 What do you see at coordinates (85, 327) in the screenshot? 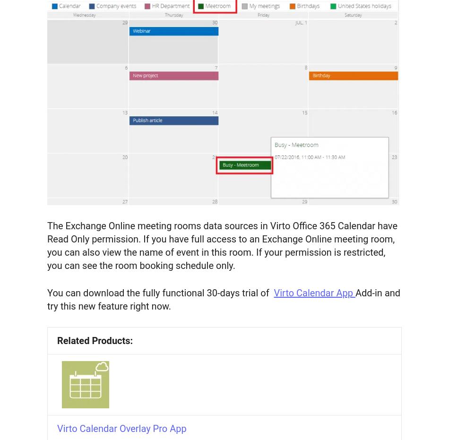
I see `'SharePoint Calendar: How to Create or Add'` at bounding box center [85, 327].